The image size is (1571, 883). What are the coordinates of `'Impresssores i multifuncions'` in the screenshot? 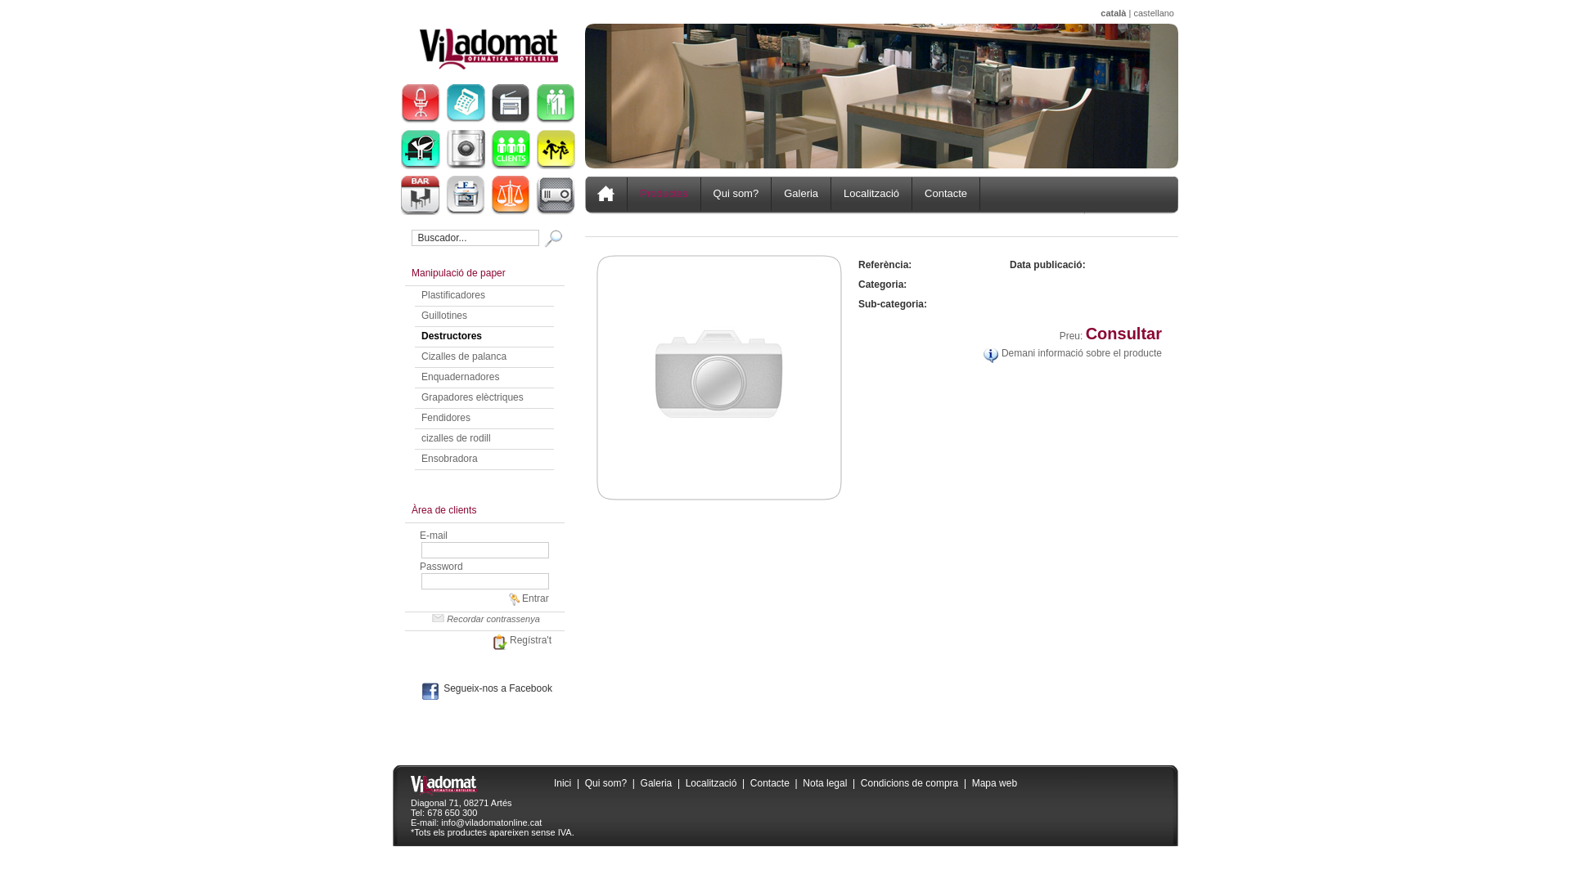 It's located at (510, 104).